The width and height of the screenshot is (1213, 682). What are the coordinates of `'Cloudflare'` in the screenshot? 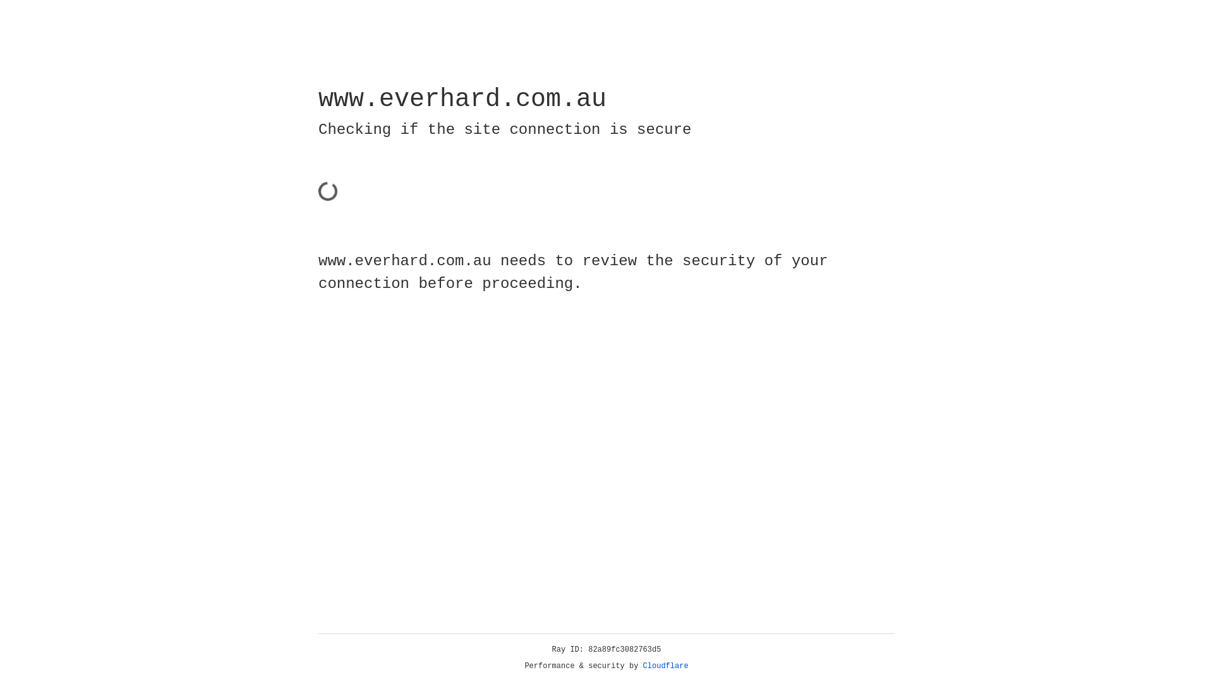 It's located at (643, 666).